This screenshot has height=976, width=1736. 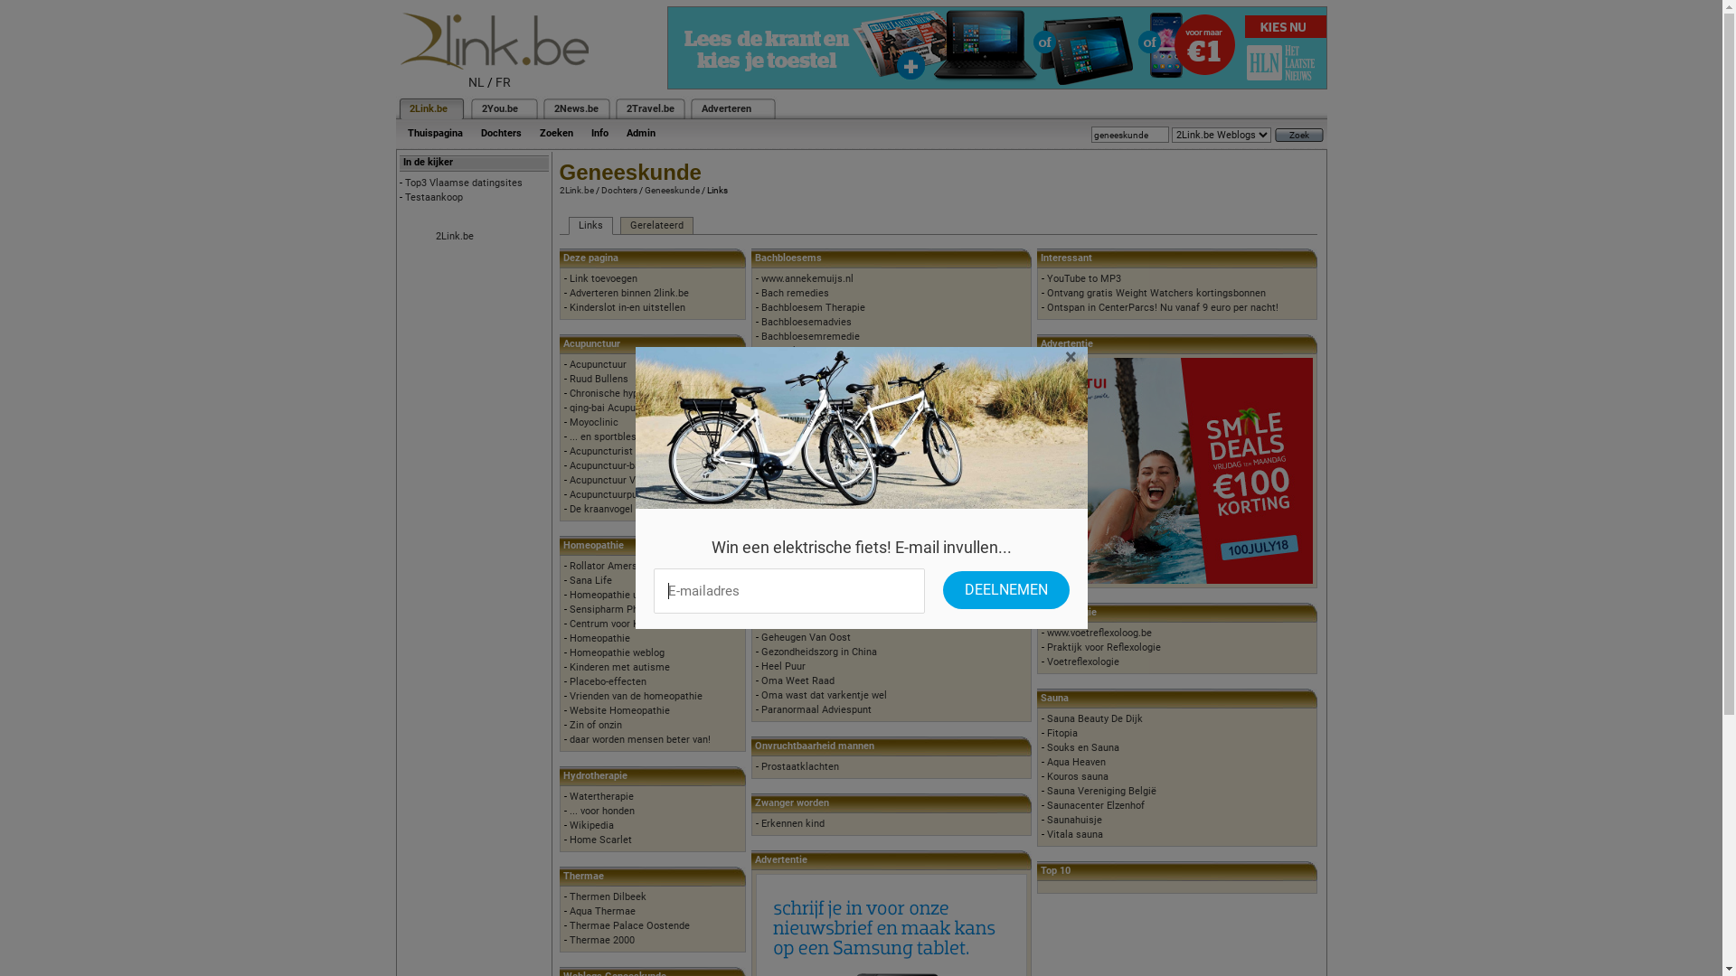 What do you see at coordinates (503, 82) in the screenshot?
I see `'FR'` at bounding box center [503, 82].